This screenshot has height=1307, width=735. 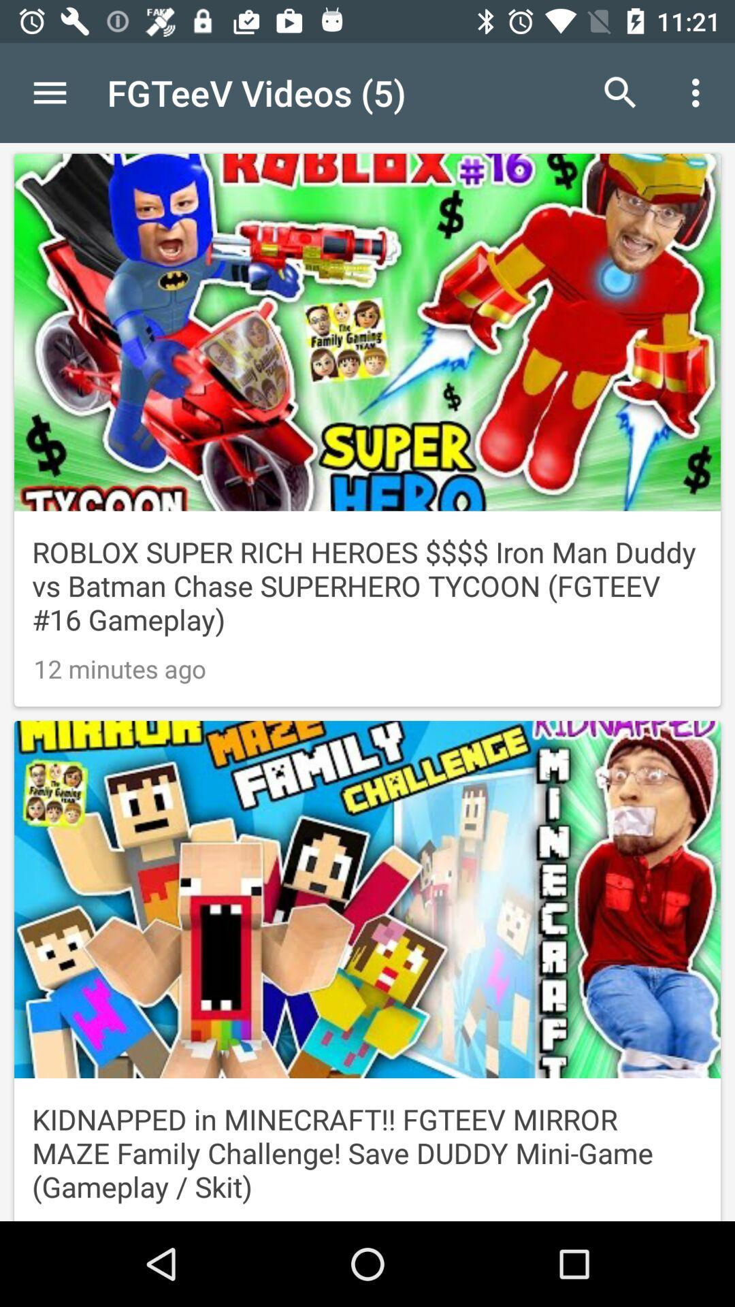 What do you see at coordinates (49, 92) in the screenshot?
I see `the item to the left of fgteev videos (5) app` at bounding box center [49, 92].